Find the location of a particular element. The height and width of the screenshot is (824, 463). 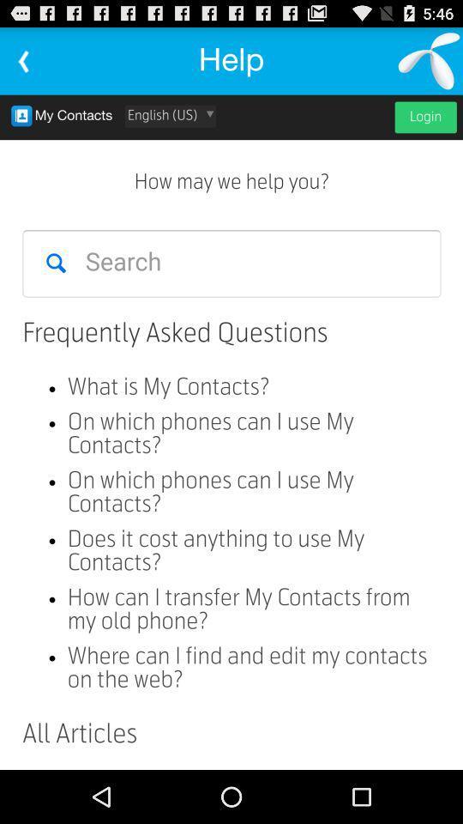

faq 's is located at coordinates (231, 431).